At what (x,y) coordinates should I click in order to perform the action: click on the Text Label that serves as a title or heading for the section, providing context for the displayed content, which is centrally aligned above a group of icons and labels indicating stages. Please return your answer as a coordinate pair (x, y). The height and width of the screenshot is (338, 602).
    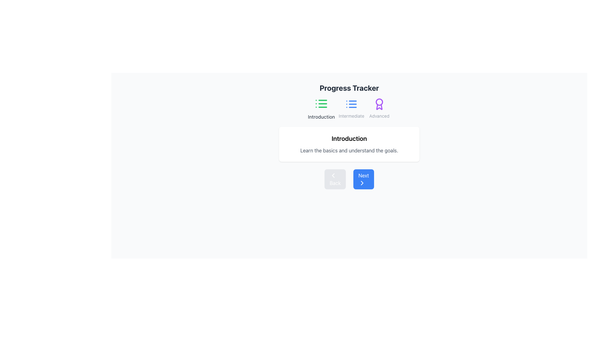
    Looking at the image, I should click on (349, 88).